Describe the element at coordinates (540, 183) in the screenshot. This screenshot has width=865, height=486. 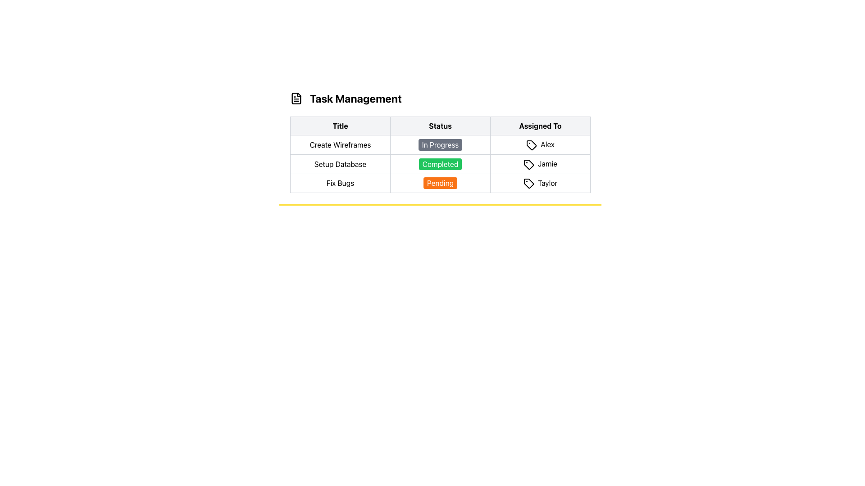
I see `the text label displaying the name 'Taylor', which indicates the individual assigned to the corresponding task in the last row of the 'Assigned To' column in the 'Task Management' table` at that location.